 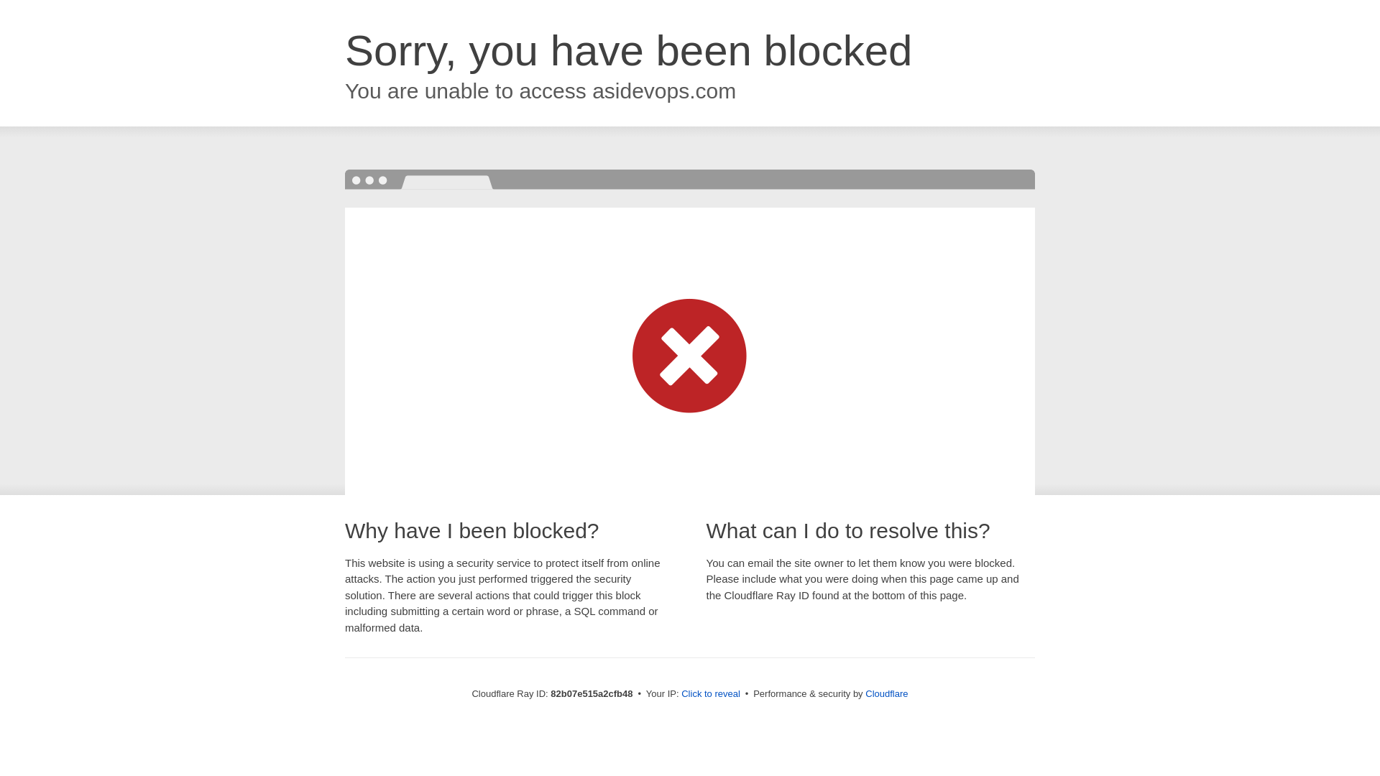 What do you see at coordinates (865, 693) in the screenshot?
I see `'Cloudflare'` at bounding box center [865, 693].